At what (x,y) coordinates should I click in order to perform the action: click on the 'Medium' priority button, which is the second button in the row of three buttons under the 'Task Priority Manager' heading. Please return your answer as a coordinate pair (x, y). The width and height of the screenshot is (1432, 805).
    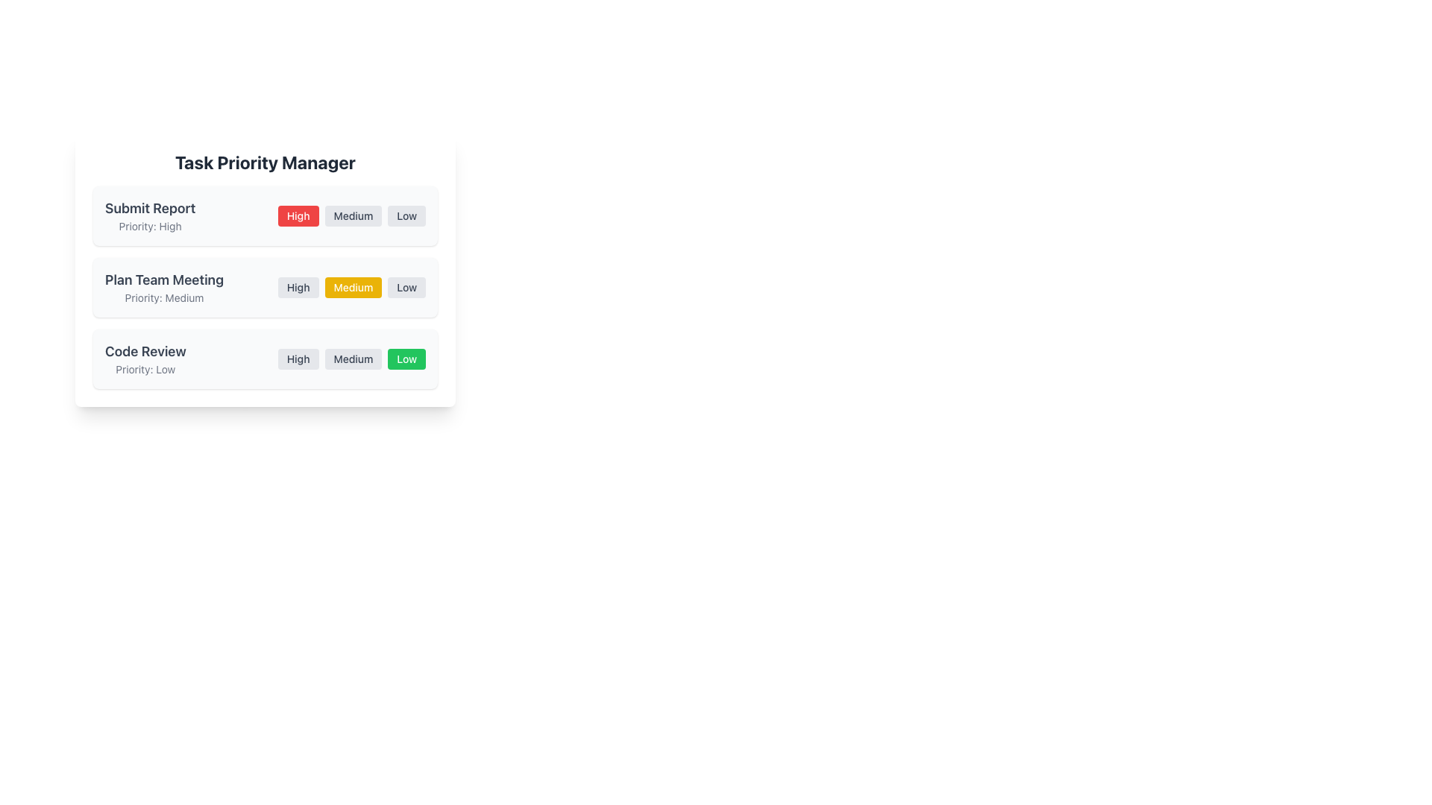
    Looking at the image, I should click on (353, 215).